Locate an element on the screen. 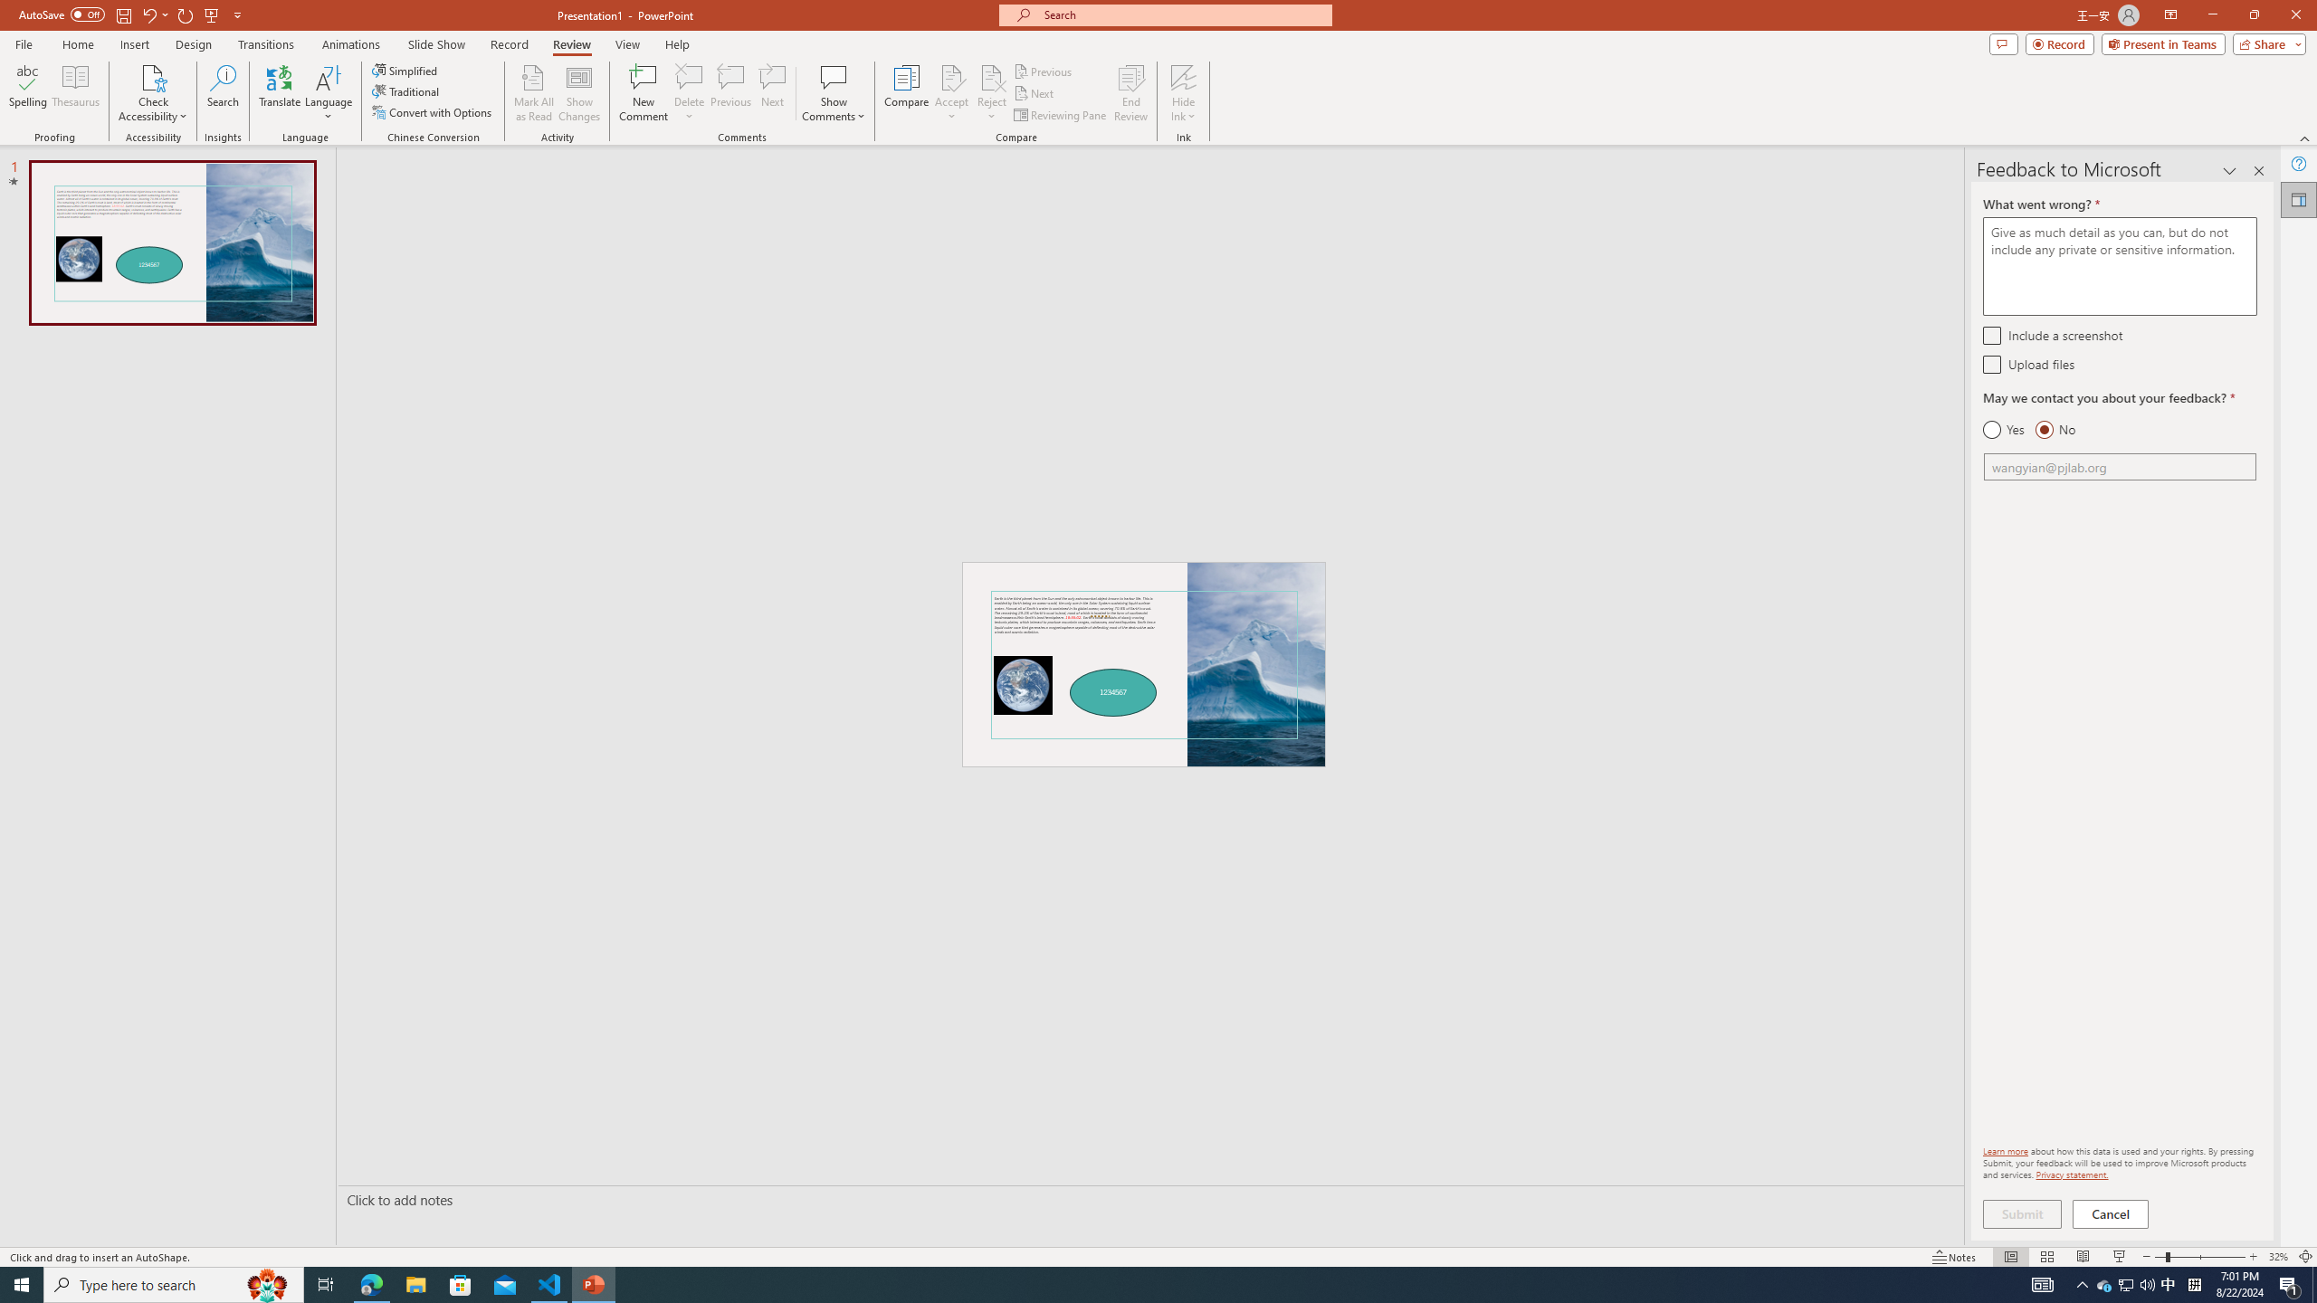  'Reject Change' is located at coordinates (990, 76).